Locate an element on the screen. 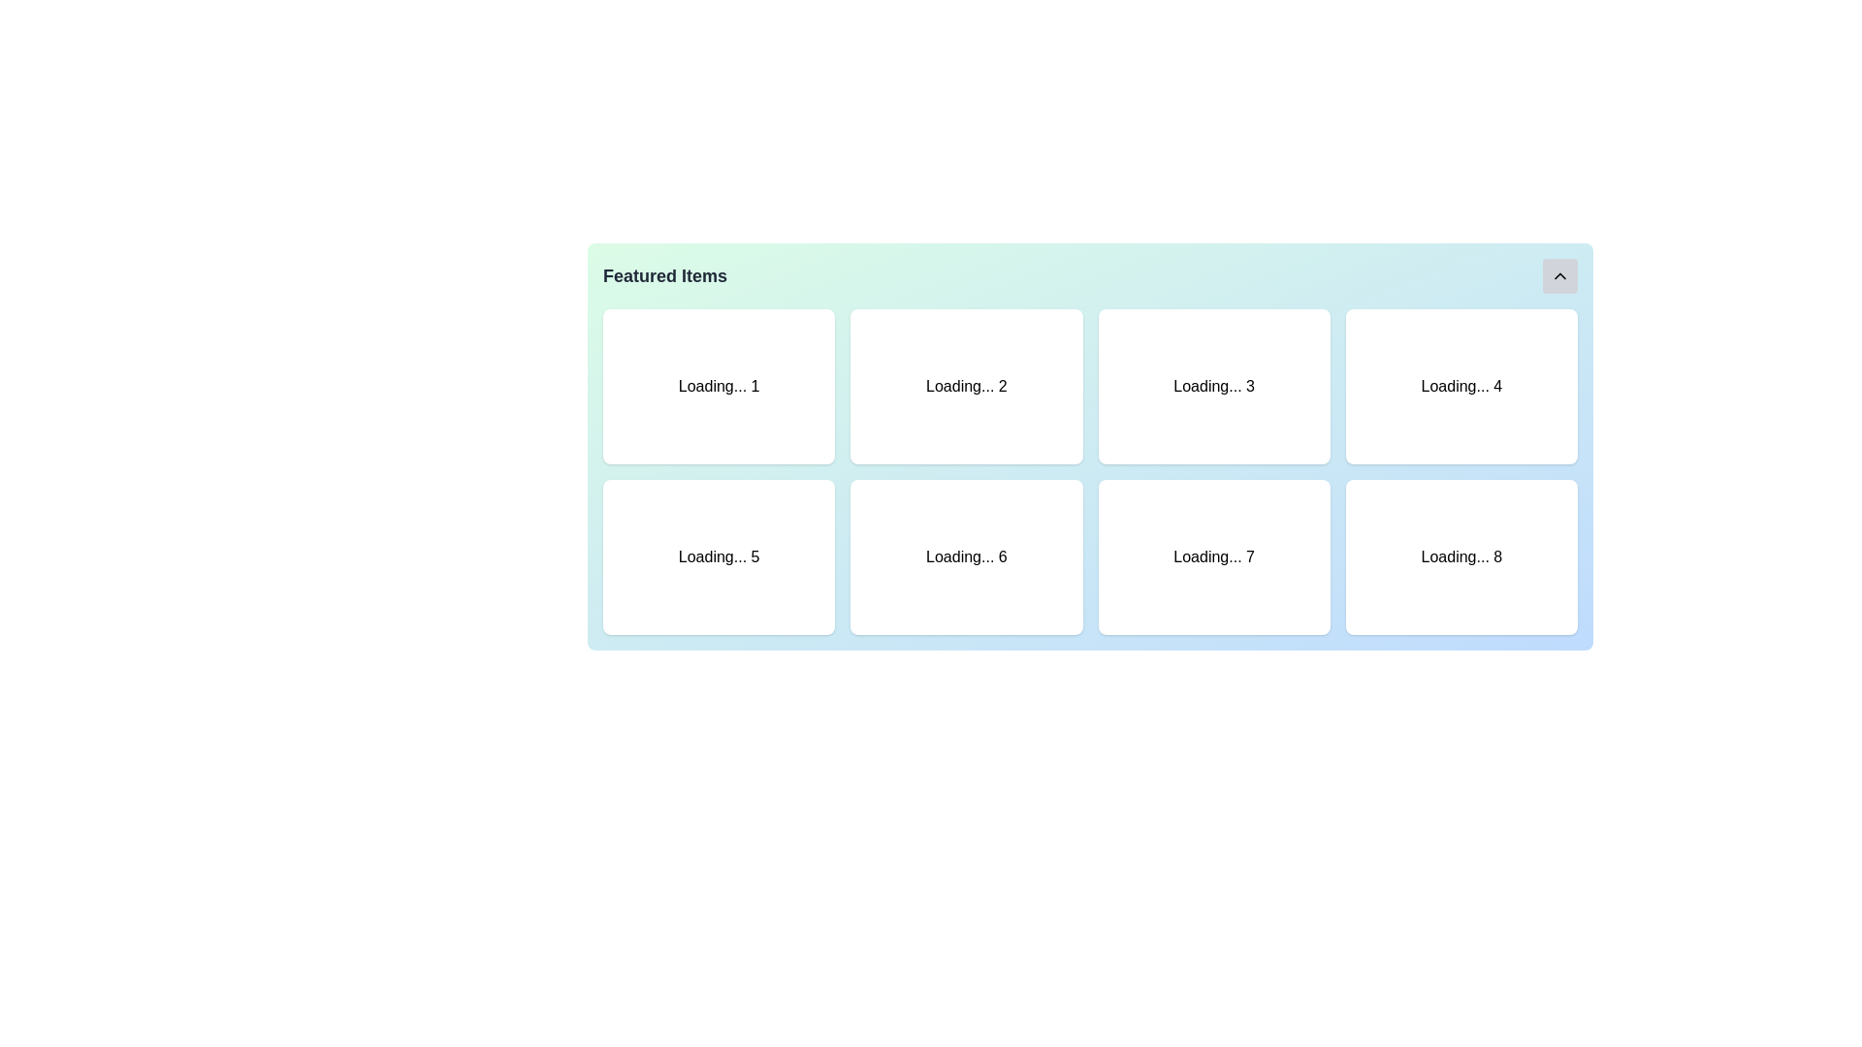  the loading box or placeholder located in the first row, first column of a grid layout, which indicates that an operation is in progress is located at coordinates (718, 386).